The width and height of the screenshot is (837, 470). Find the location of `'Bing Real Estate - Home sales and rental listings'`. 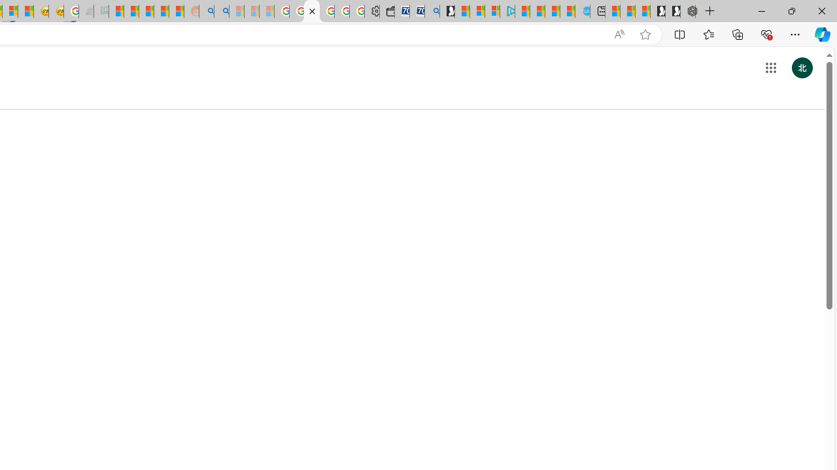

'Bing Real Estate - Home sales and rental listings' is located at coordinates (432, 11).